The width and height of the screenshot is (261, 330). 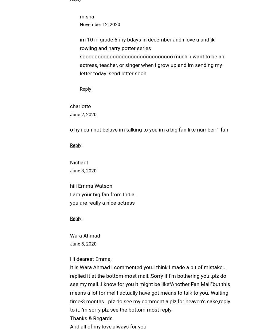 What do you see at coordinates (80, 25) in the screenshot?
I see `'November 12, 2020'` at bounding box center [80, 25].